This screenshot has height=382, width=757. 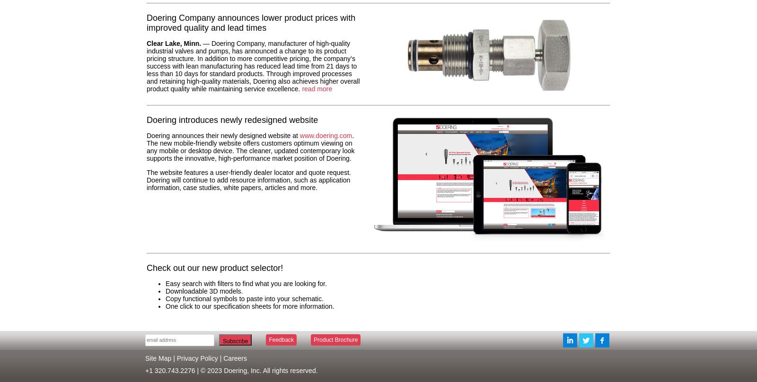 What do you see at coordinates (234, 357) in the screenshot?
I see `'Careers'` at bounding box center [234, 357].